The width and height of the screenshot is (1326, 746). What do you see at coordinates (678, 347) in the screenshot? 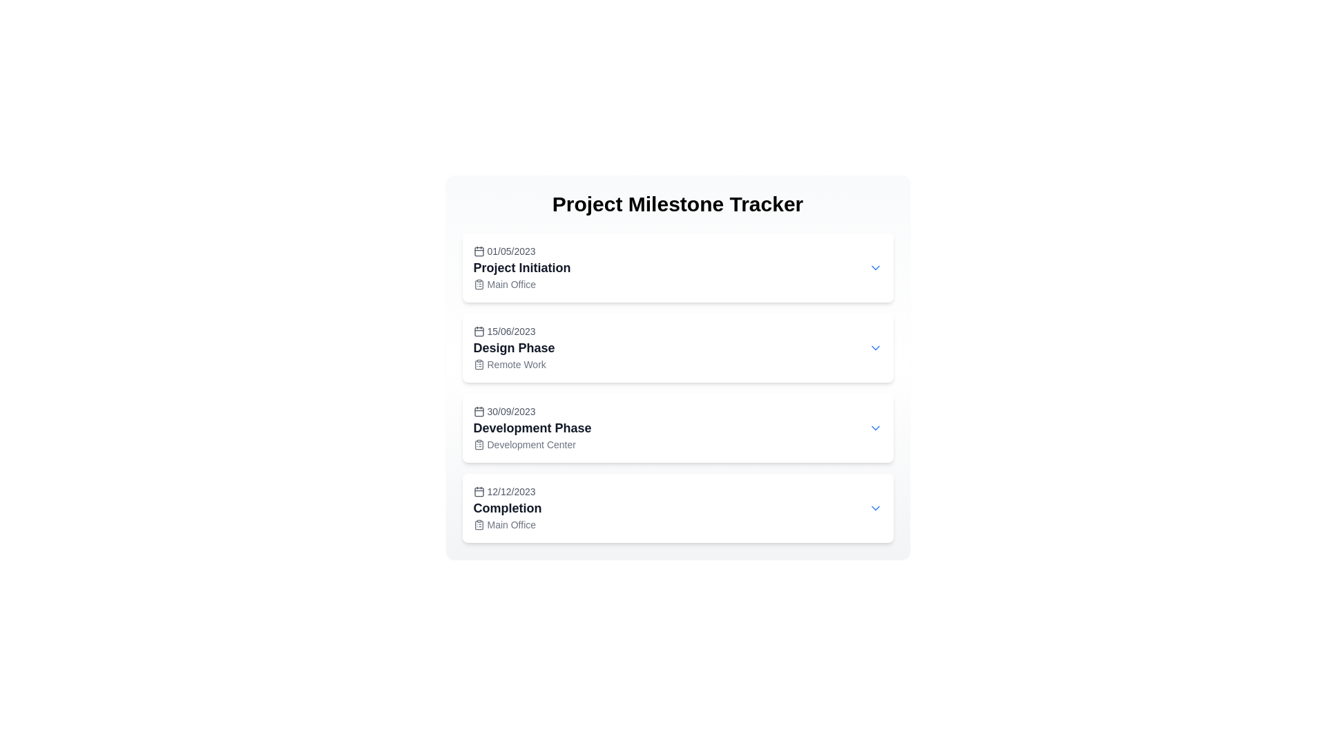
I see `the second card in the 'Project Milestone Tracker' section, which has a white background, rounded corners, and contains the title 'Design Phase'` at bounding box center [678, 347].